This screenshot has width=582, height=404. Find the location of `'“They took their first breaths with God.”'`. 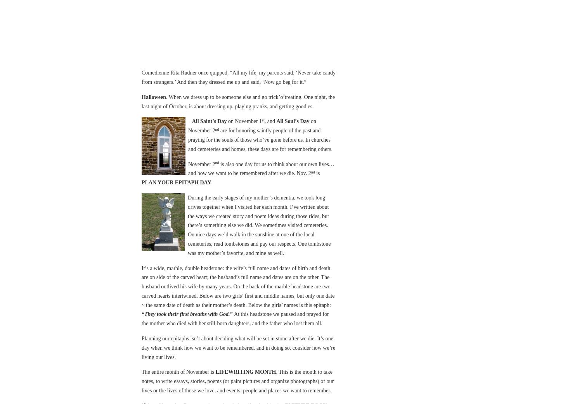

'“They took their first breaths with God.”' is located at coordinates (187, 314).